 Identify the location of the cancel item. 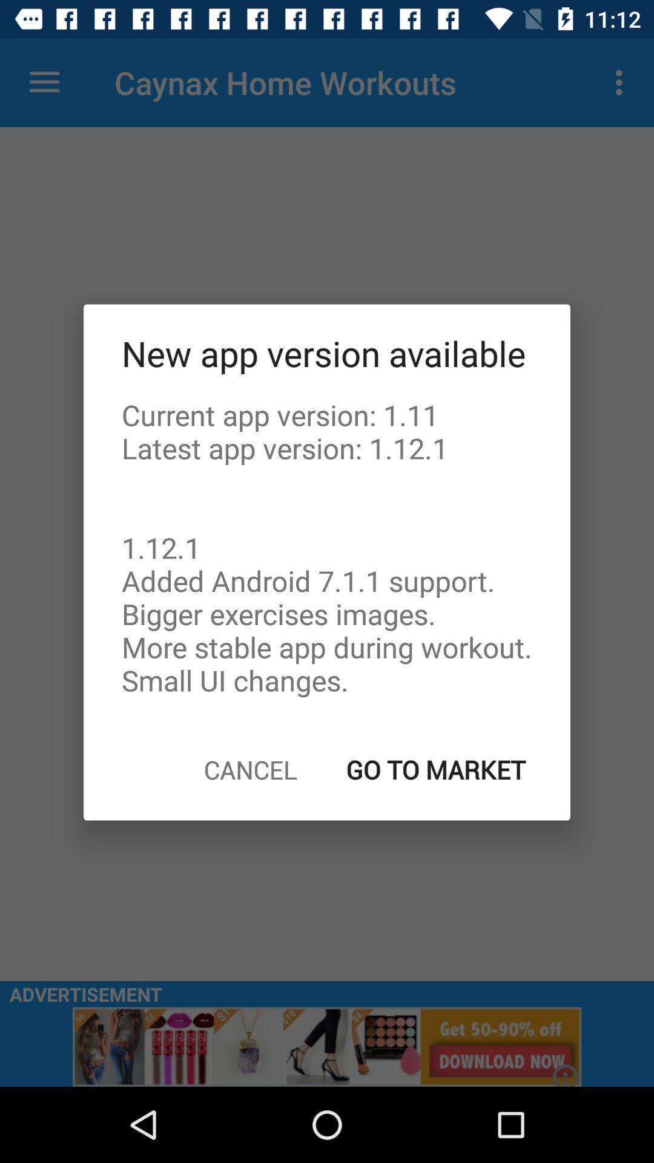
(249, 769).